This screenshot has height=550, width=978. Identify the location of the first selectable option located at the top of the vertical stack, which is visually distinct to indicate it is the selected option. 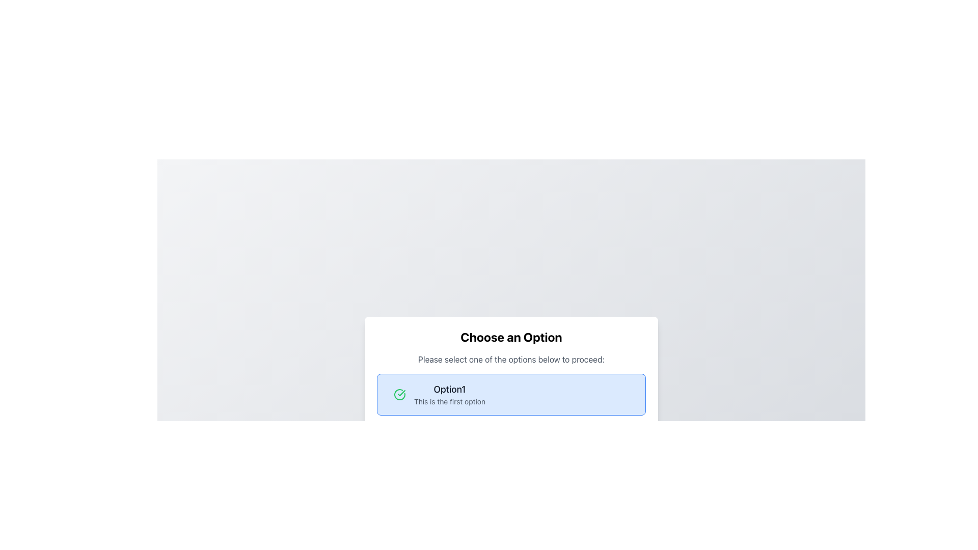
(511, 394).